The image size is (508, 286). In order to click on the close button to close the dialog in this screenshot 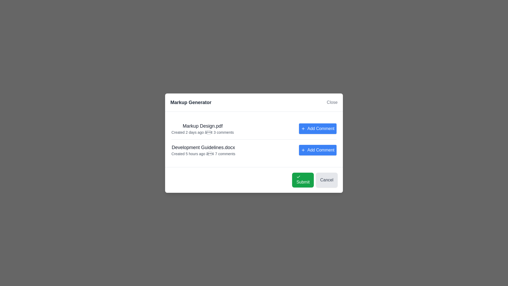, I will do `click(332, 102)`.